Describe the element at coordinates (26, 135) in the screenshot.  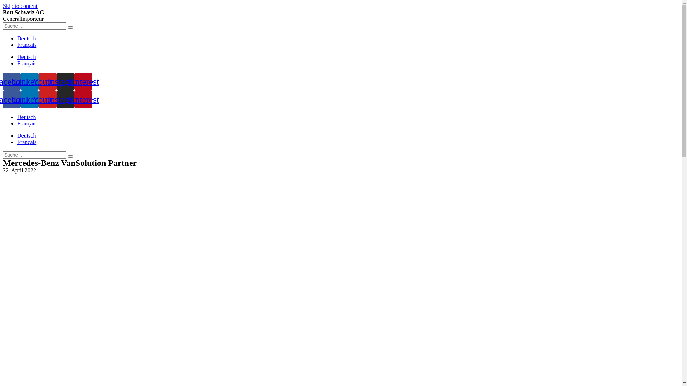
I see `'Deutsch'` at that location.